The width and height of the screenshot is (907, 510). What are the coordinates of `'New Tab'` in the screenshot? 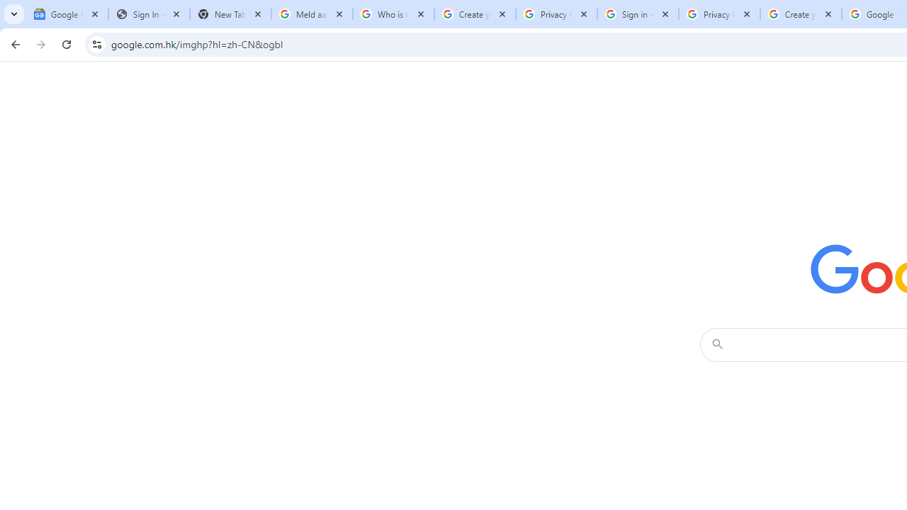 It's located at (230, 14).